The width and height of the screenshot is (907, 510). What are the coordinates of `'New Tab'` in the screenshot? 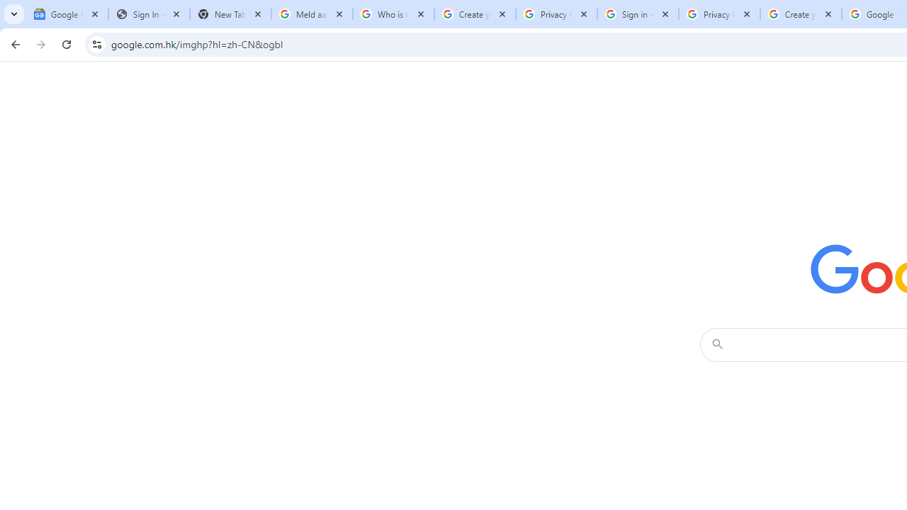 It's located at (230, 14).